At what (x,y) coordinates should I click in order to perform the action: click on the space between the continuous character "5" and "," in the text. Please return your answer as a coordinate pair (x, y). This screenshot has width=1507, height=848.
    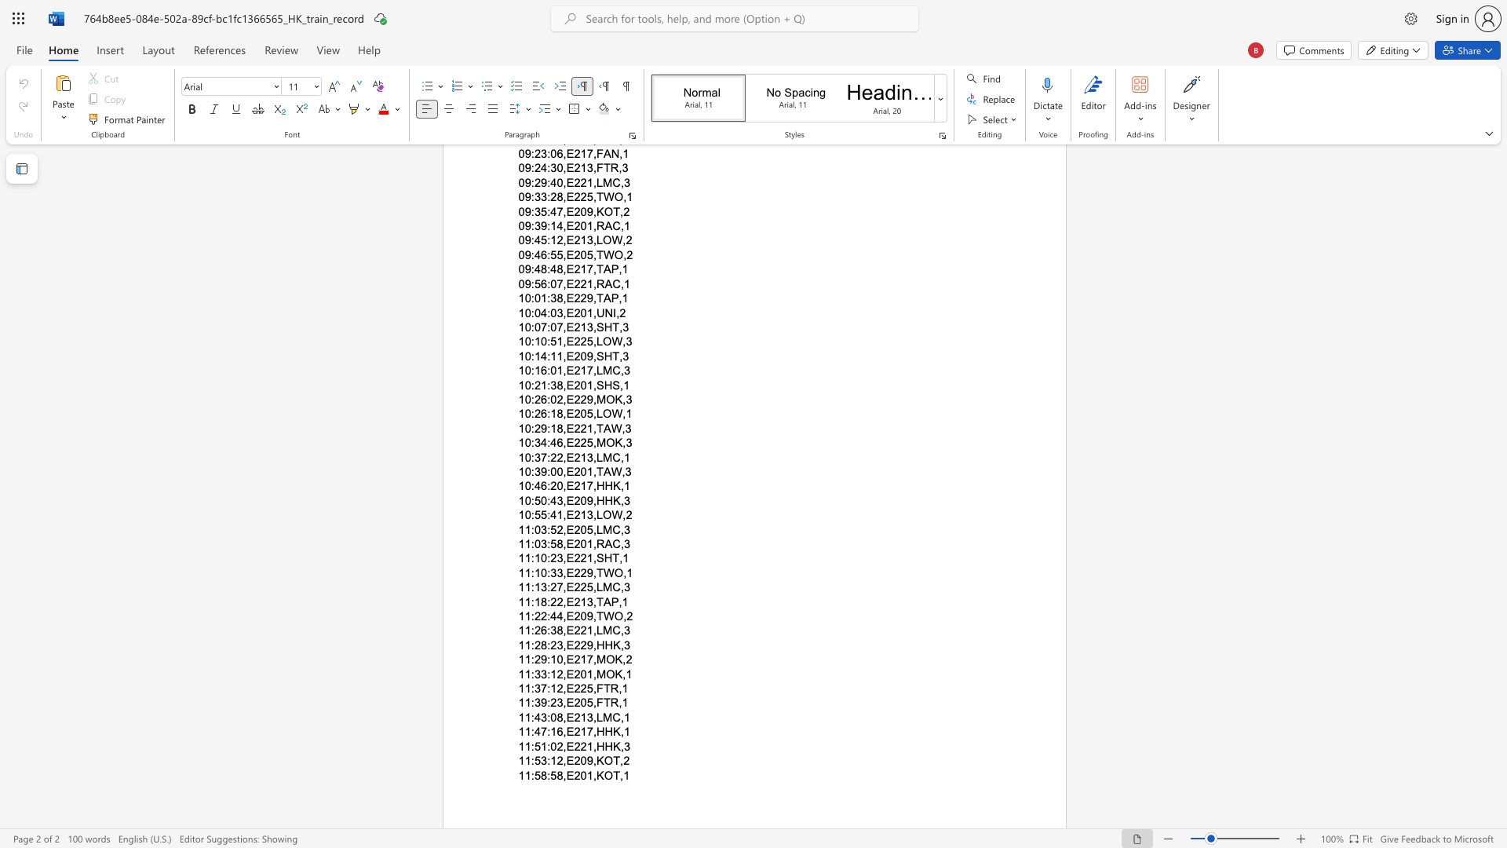
    Looking at the image, I should click on (591, 587).